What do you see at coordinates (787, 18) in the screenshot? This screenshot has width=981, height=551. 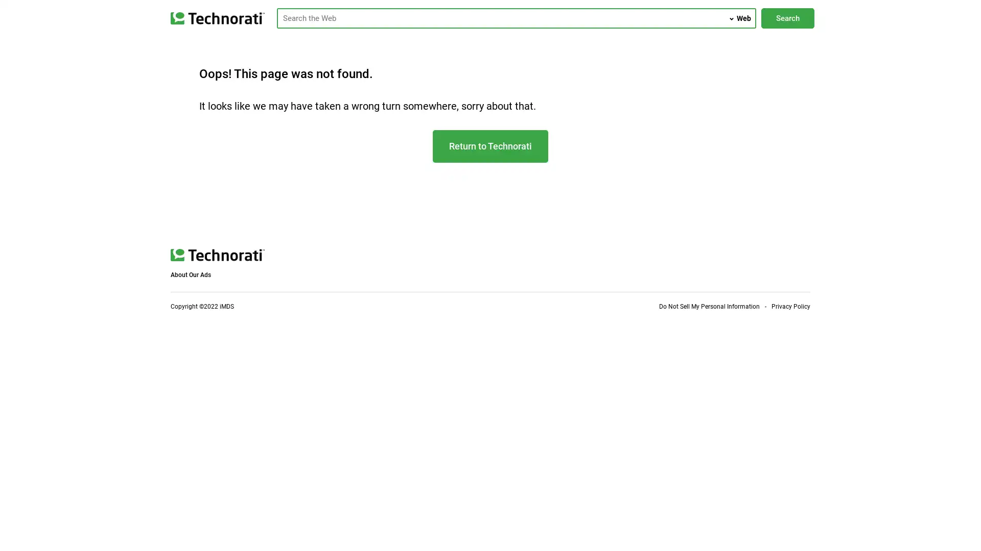 I see `Search` at bounding box center [787, 18].